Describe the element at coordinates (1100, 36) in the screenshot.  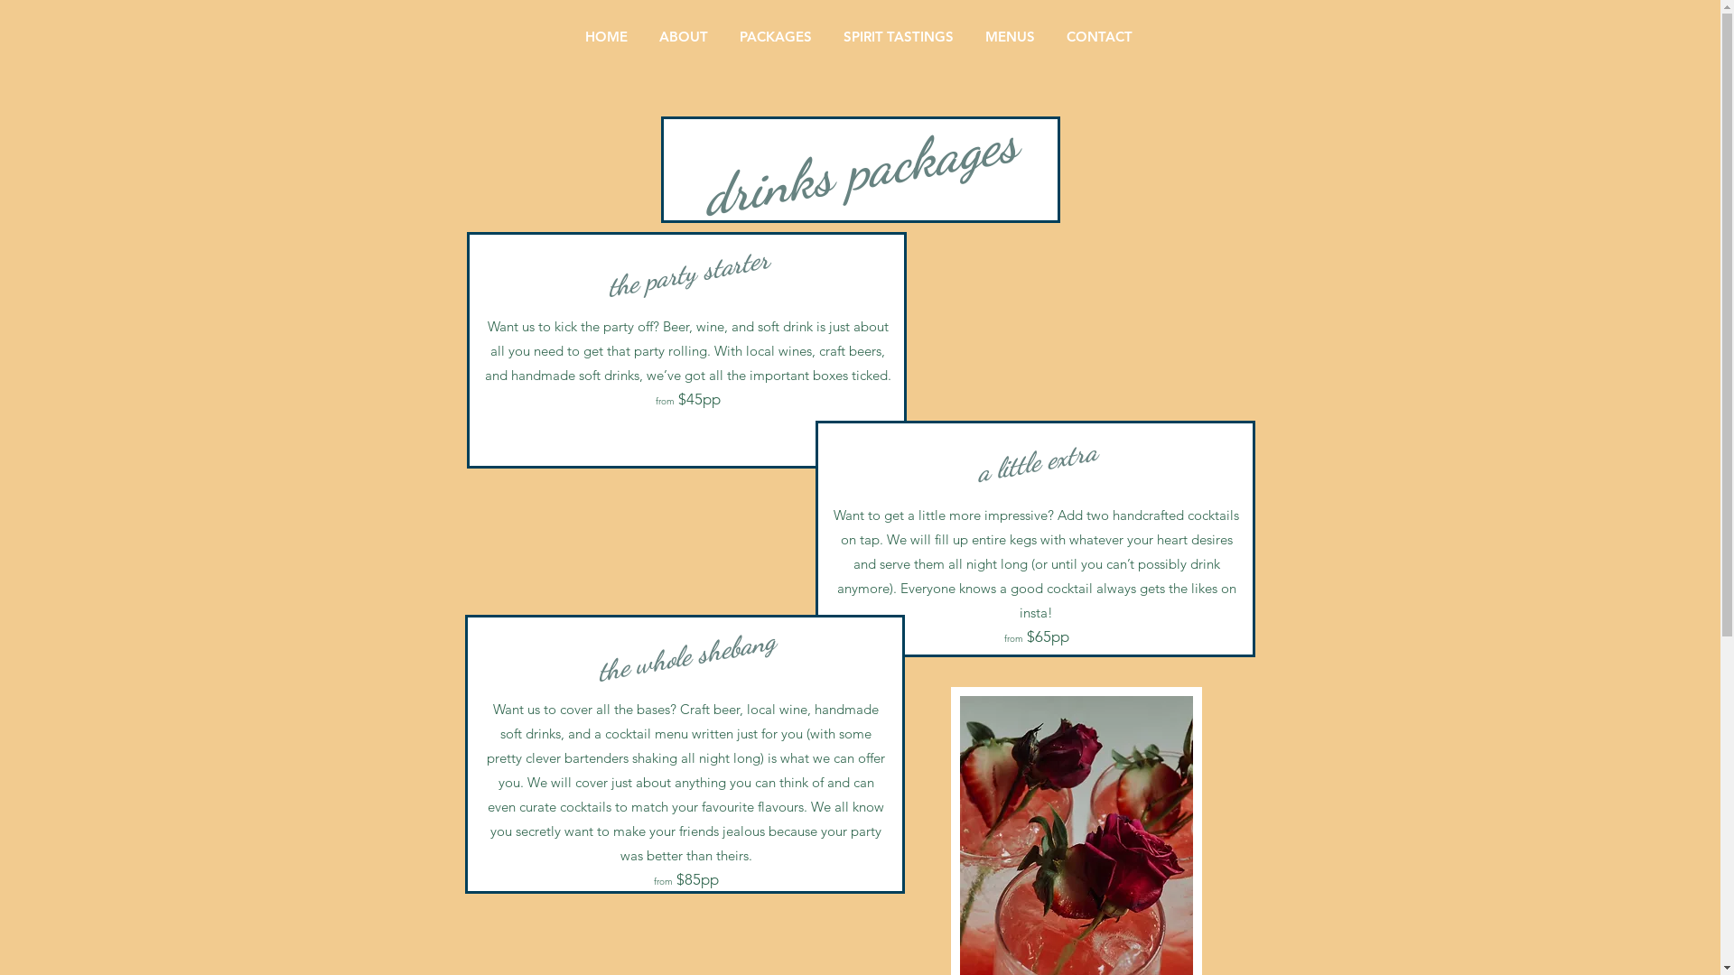
I see `'CONTACT'` at that location.